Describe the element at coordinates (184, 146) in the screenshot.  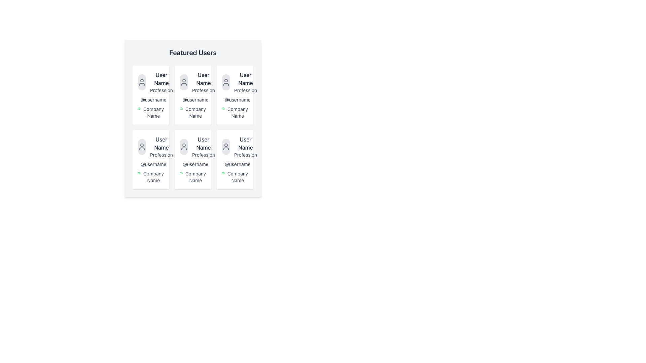
I see `the circular profile icon placeholder with a gray background that contains an SVG user icon` at that location.